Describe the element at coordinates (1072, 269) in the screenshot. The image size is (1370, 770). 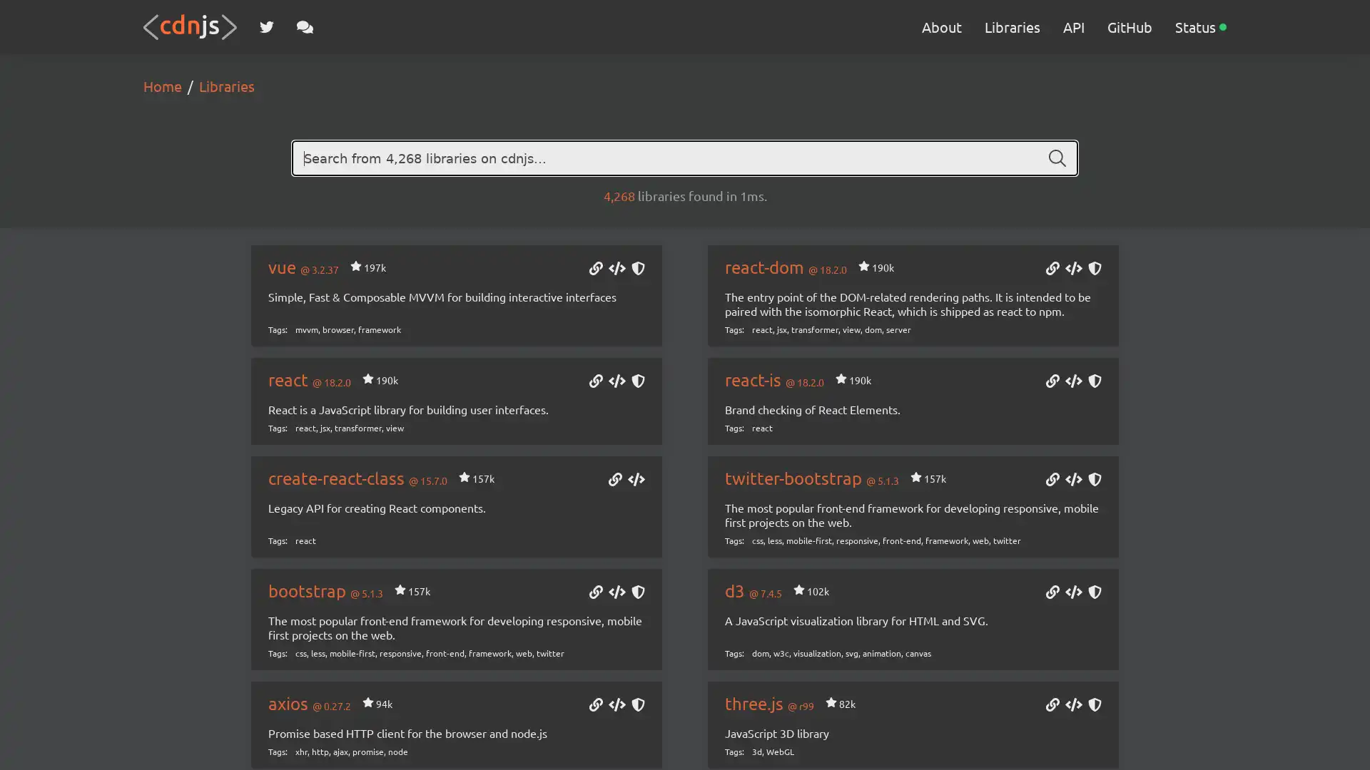
I see `Copy Script Tag` at that location.